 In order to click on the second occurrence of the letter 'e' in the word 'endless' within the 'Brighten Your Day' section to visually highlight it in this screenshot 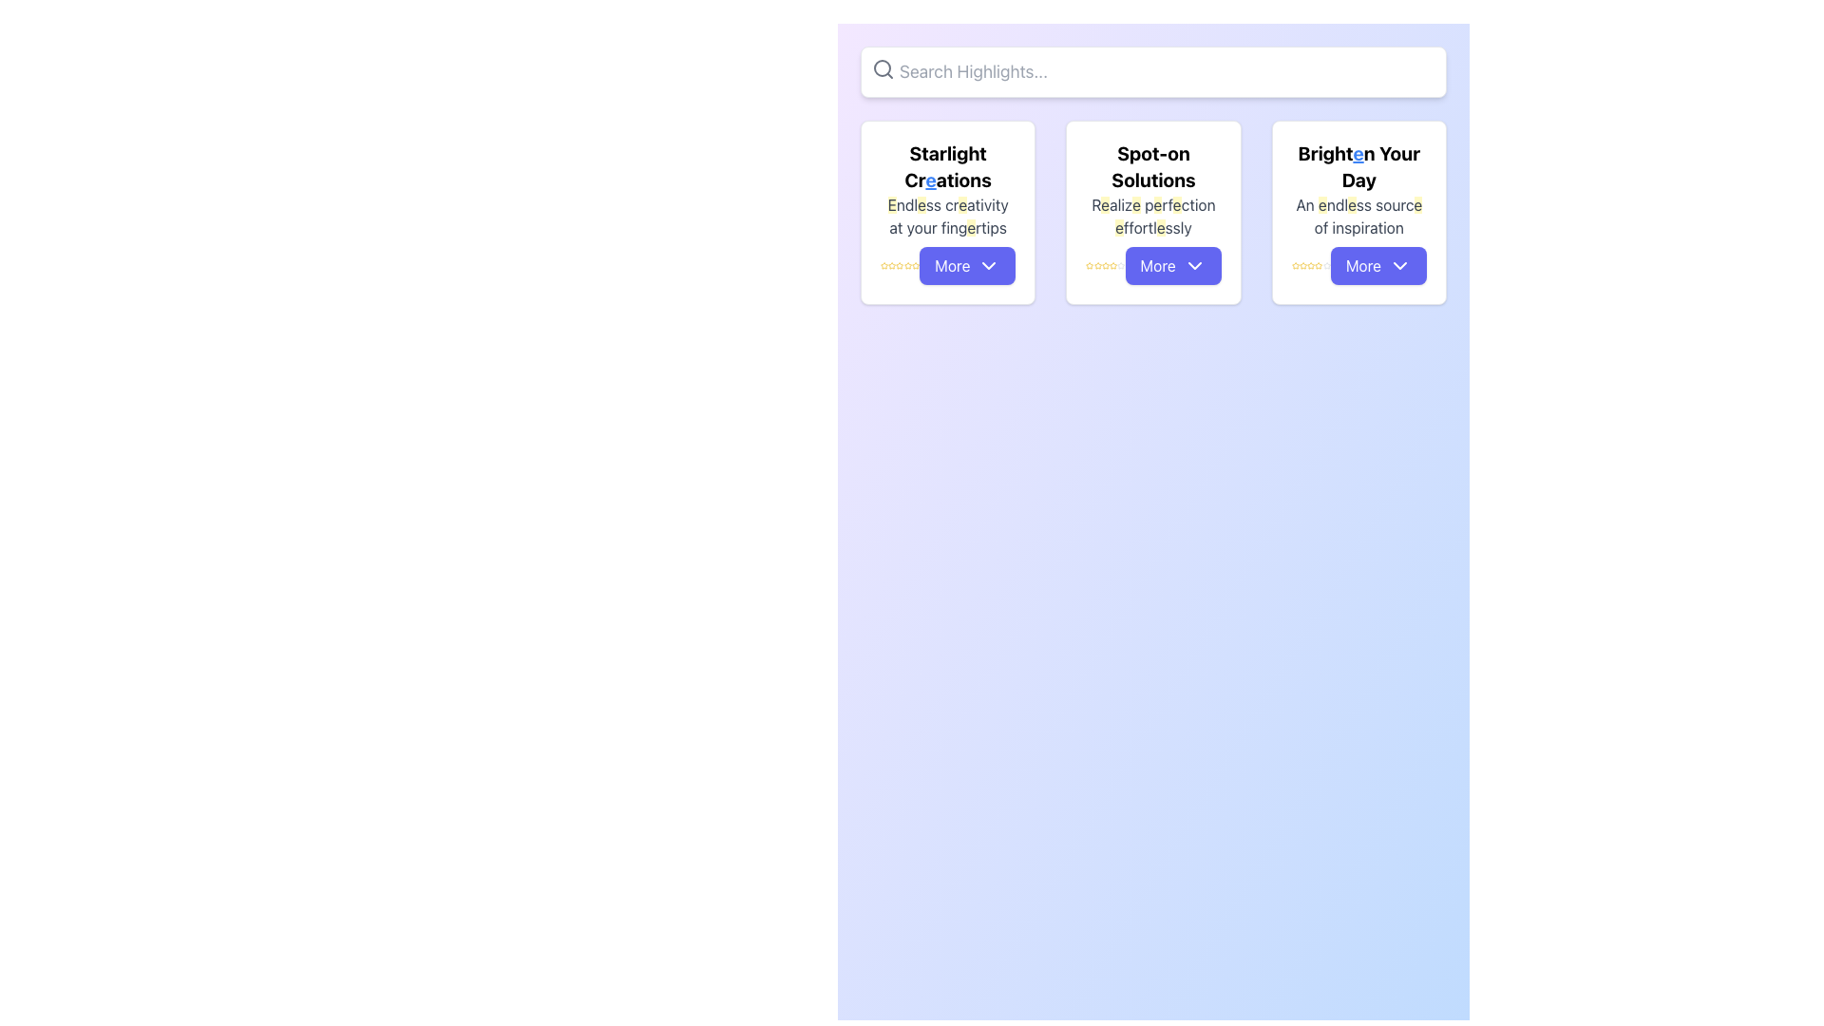, I will do `click(1351, 205)`.